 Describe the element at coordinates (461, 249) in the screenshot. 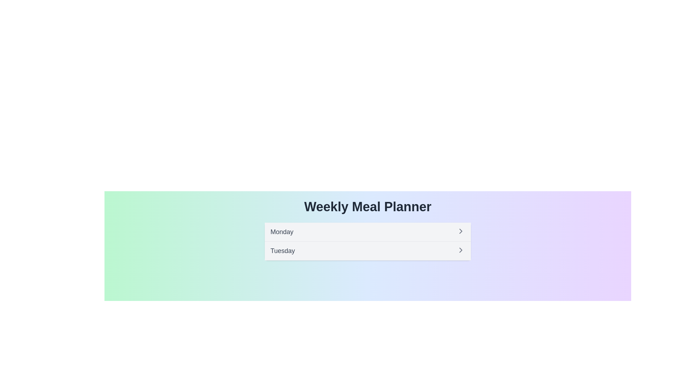

I see `the rightwards-pointing chevron icon associated with the 'Tuesday' item` at that location.